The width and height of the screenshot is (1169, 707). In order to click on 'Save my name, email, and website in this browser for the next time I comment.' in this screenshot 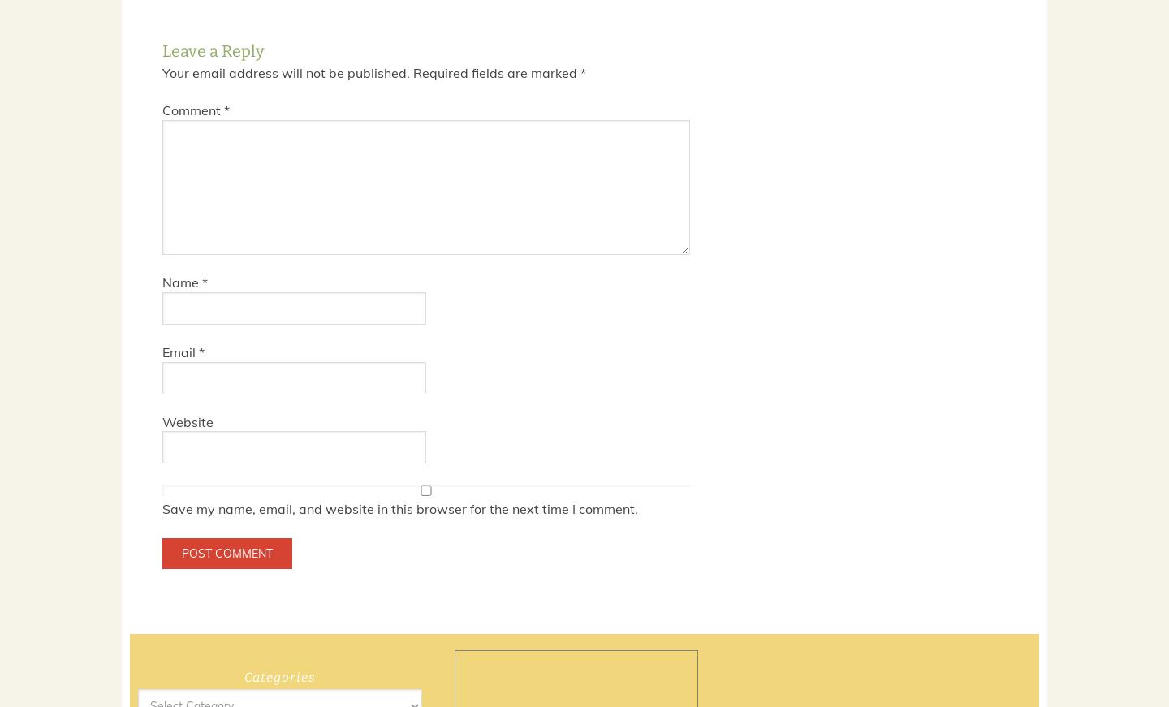, I will do `click(399, 508)`.